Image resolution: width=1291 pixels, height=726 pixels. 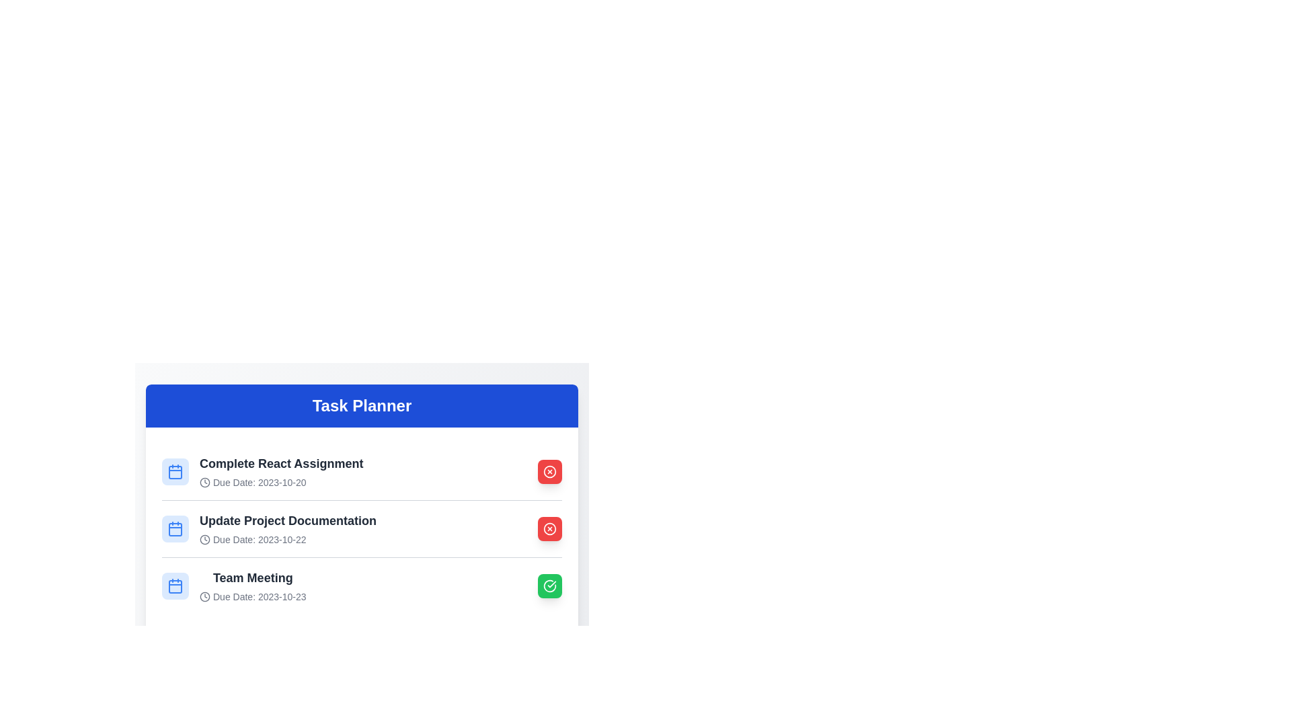 I want to click on the text block displaying 'Update Project Documentation' with an icon of a clock, which is the second task in the vertical list of tasks, so click(x=287, y=528).